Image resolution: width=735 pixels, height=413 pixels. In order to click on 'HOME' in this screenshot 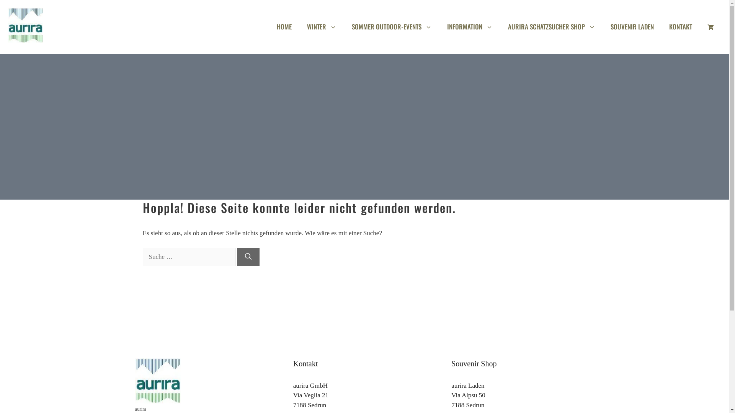, I will do `click(284, 26)`.